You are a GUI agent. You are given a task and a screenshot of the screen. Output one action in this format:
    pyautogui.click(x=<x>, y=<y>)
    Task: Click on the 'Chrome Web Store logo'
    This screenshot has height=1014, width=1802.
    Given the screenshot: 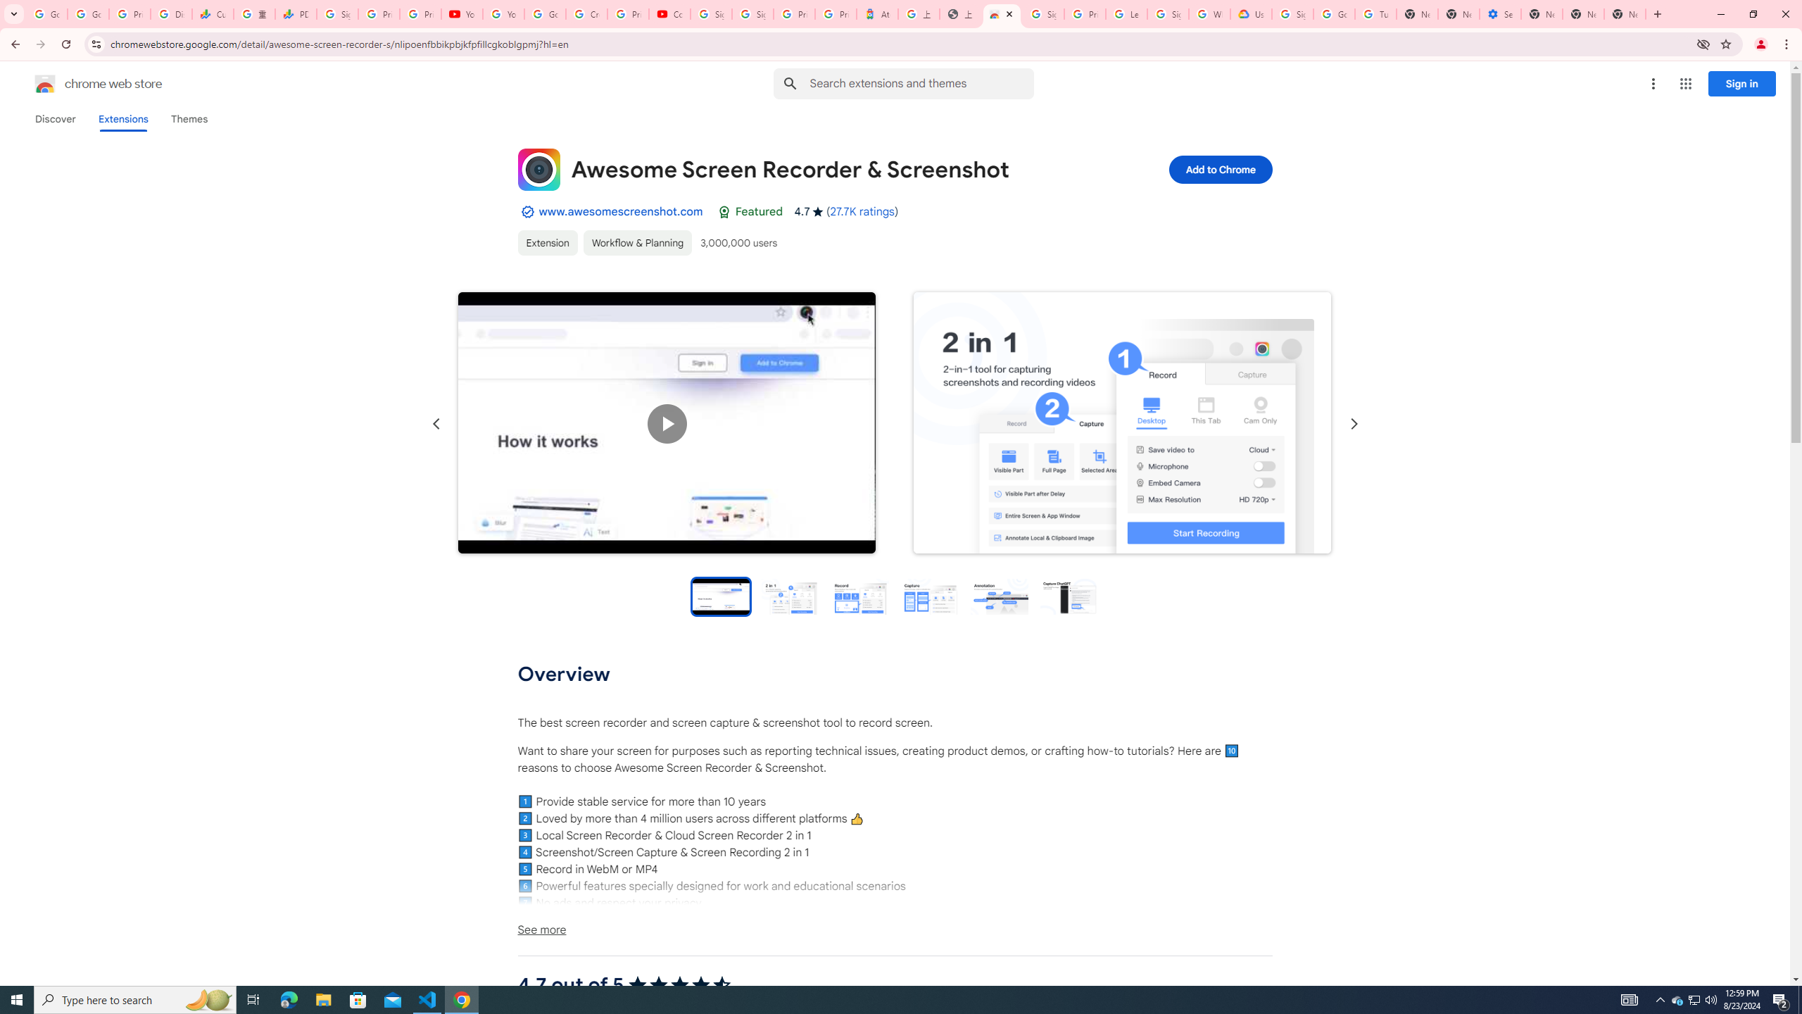 What is the action you would take?
    pyautogui.click(x=45, y=83)
    